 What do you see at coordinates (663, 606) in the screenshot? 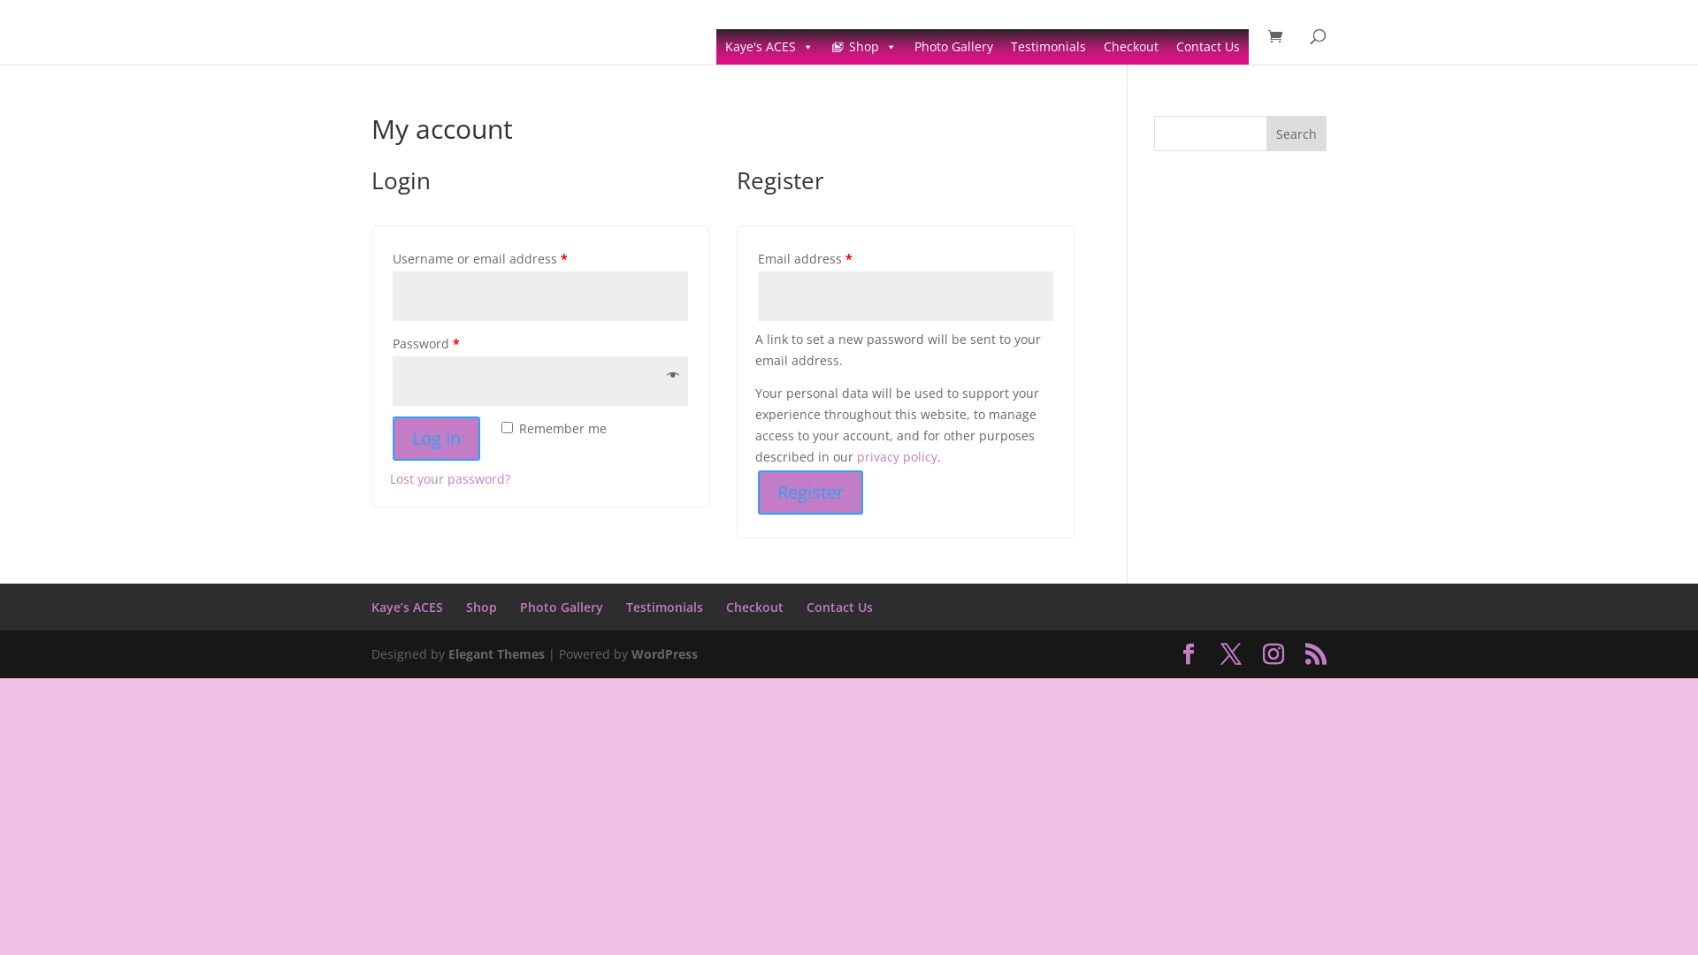
I see `'Testimonials'` at bounding box center [663, 606].